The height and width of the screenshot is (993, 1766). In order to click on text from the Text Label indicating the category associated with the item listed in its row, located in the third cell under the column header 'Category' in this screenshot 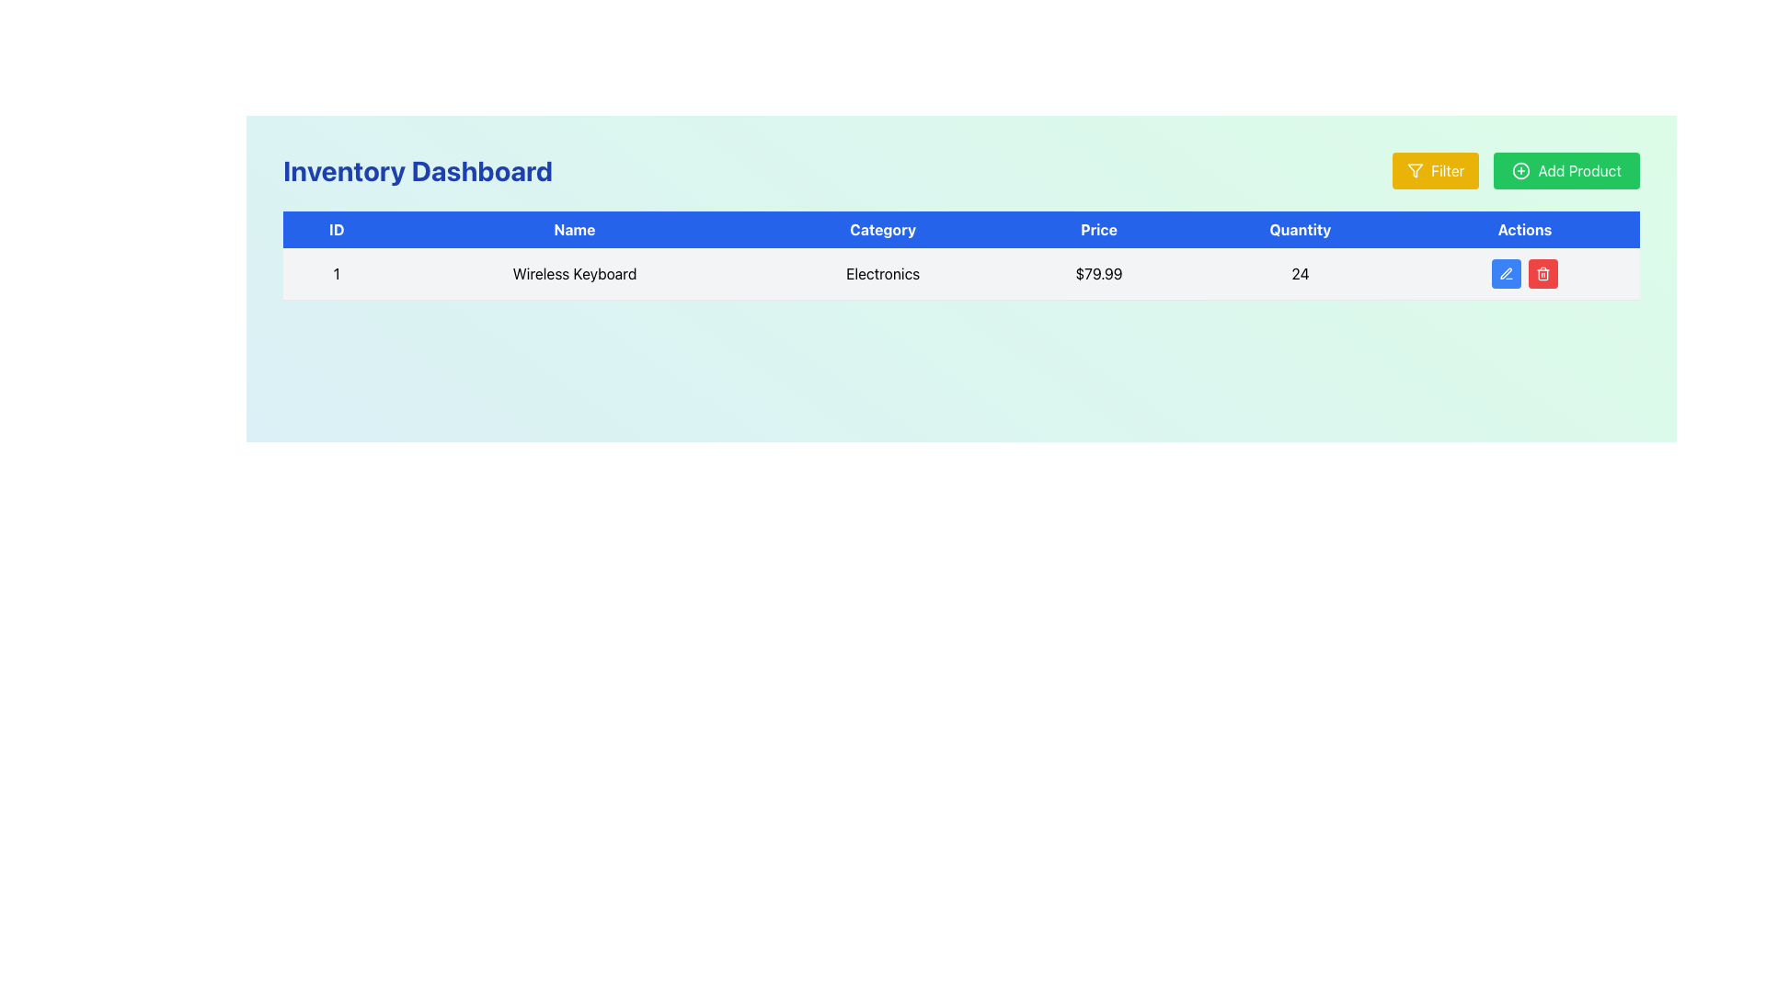, I will do `click(883, 274)`.